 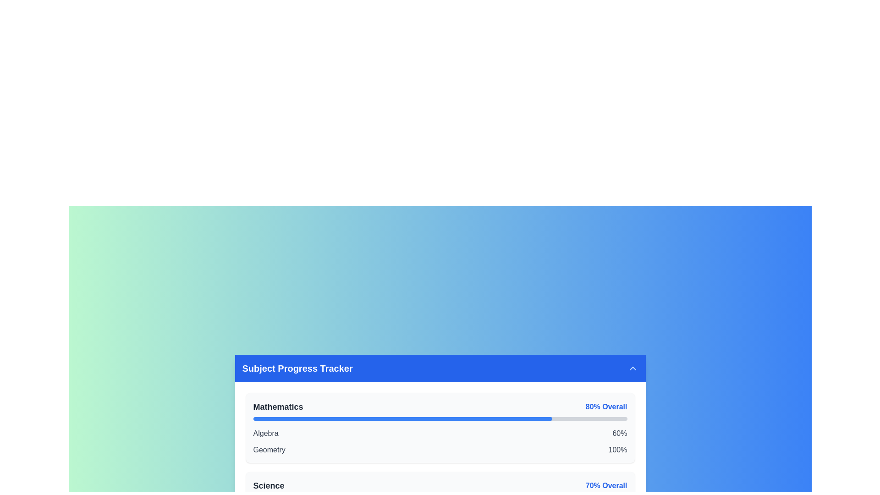 I want to click on the Static text label indicating the 'Geometry' subsection within the 'Mathematics' category in the 'Subject Progress Tracker' interface, so click(x=269, y=450).